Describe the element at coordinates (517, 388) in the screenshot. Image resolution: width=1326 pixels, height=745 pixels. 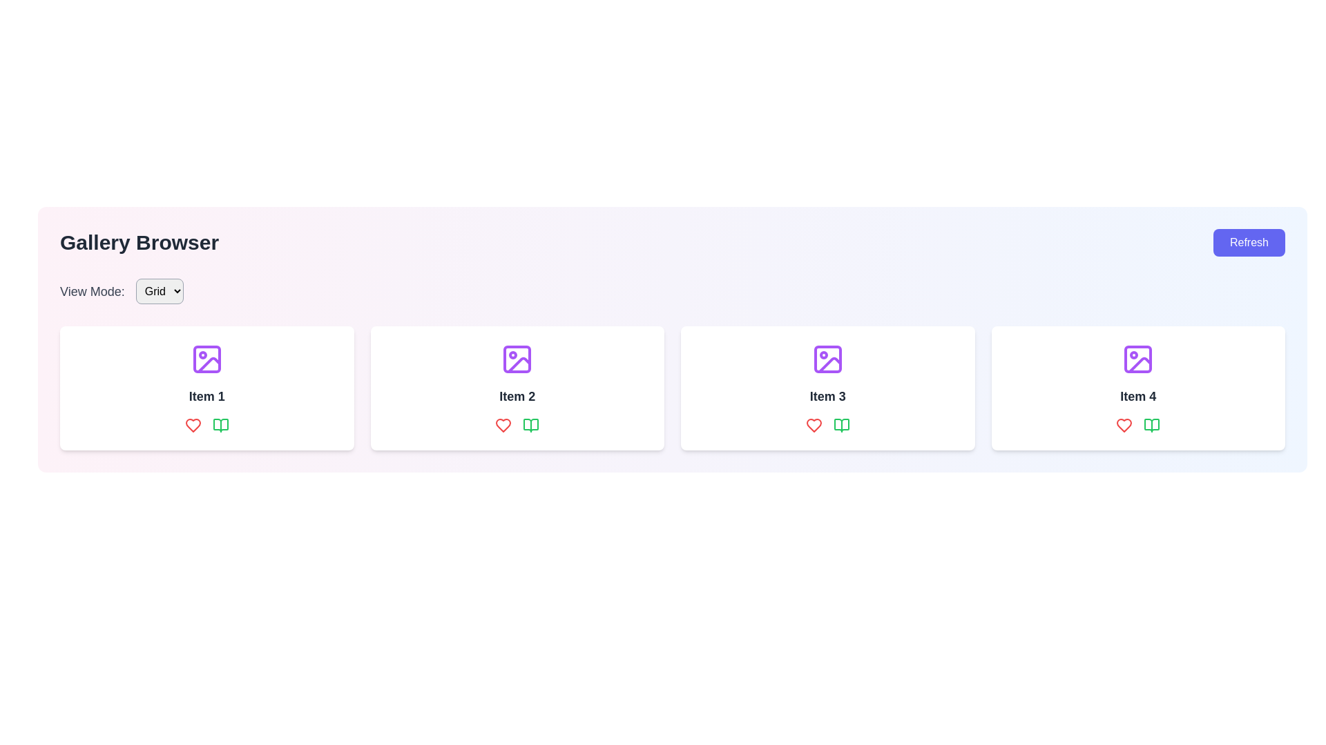
I see `the card component labeled 'Item 2', which features a purple icon at the top and contains a white background with rounded corners` at that location.